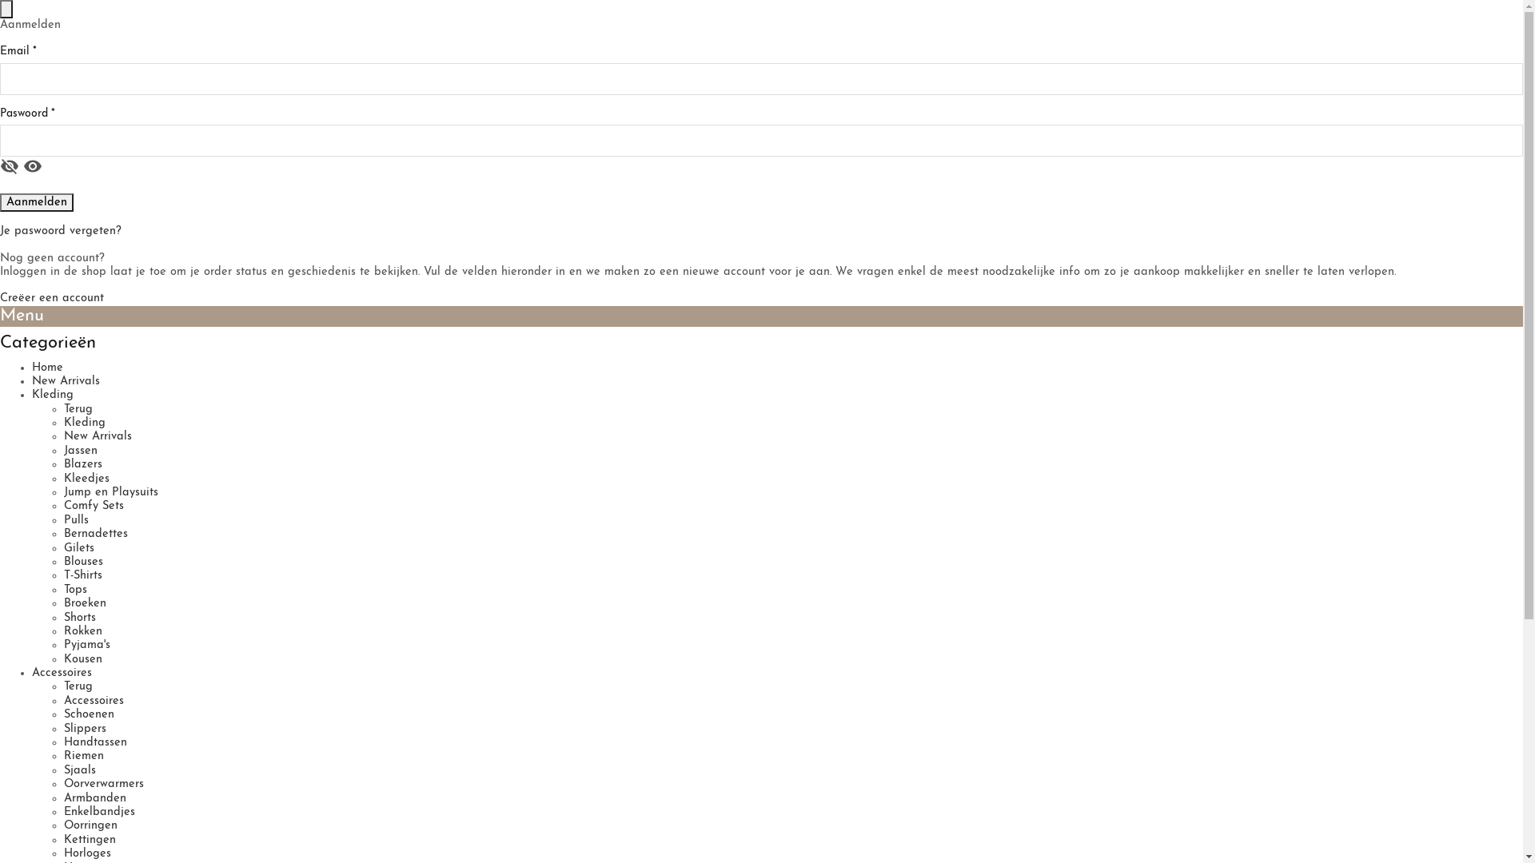  What do you see at coordinates (86, 478) in the screenshot?
I see `'Kleedjes'` at bounding box center [86, 478].